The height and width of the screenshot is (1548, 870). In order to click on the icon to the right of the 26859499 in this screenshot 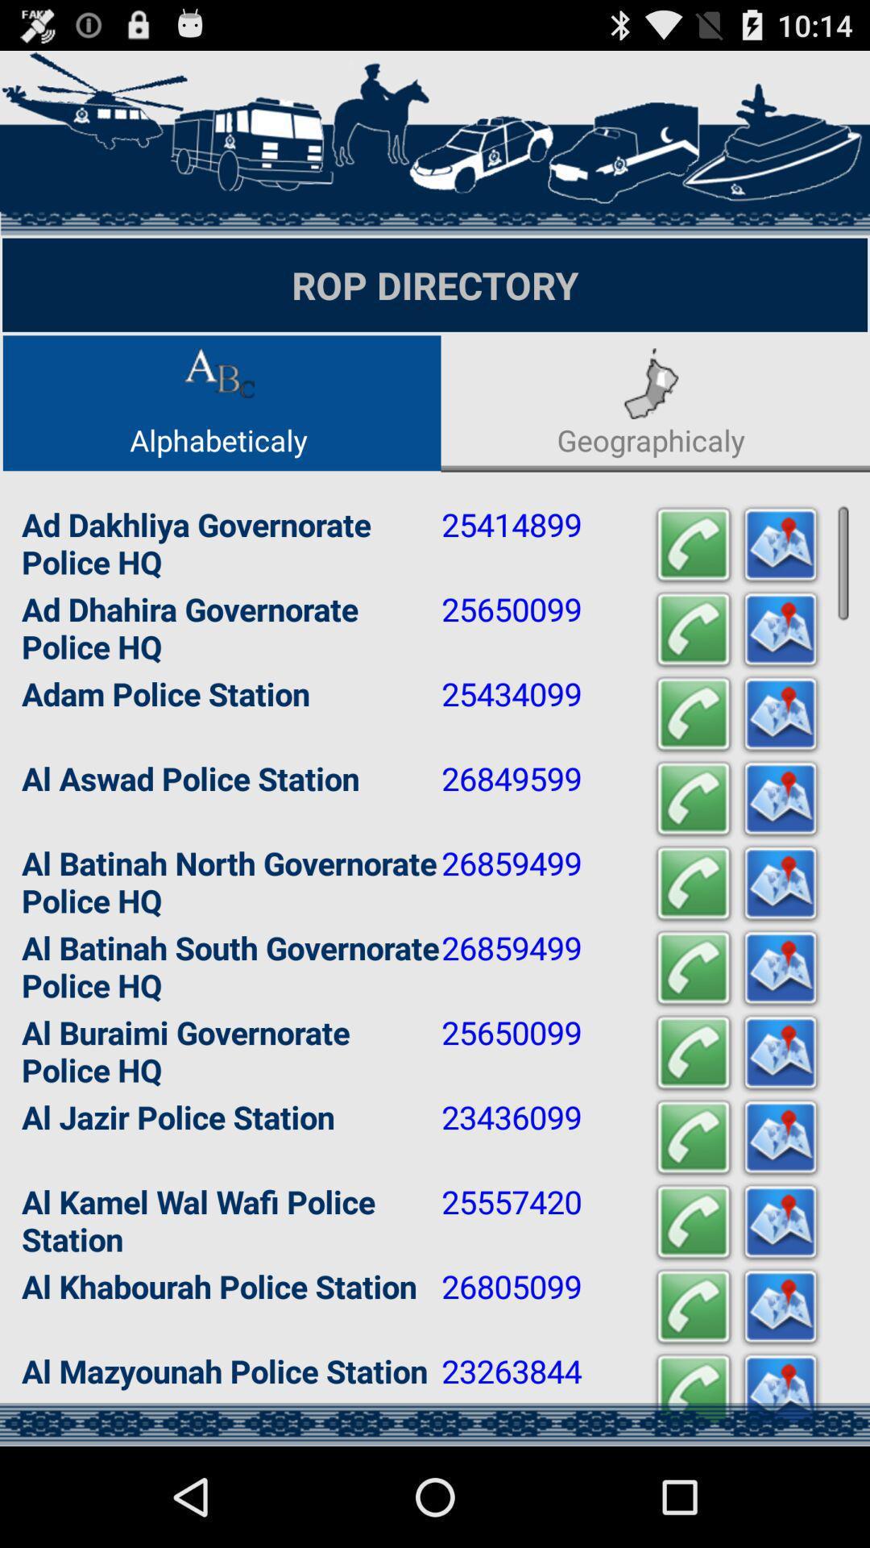, I will do `click(692, 883)`.